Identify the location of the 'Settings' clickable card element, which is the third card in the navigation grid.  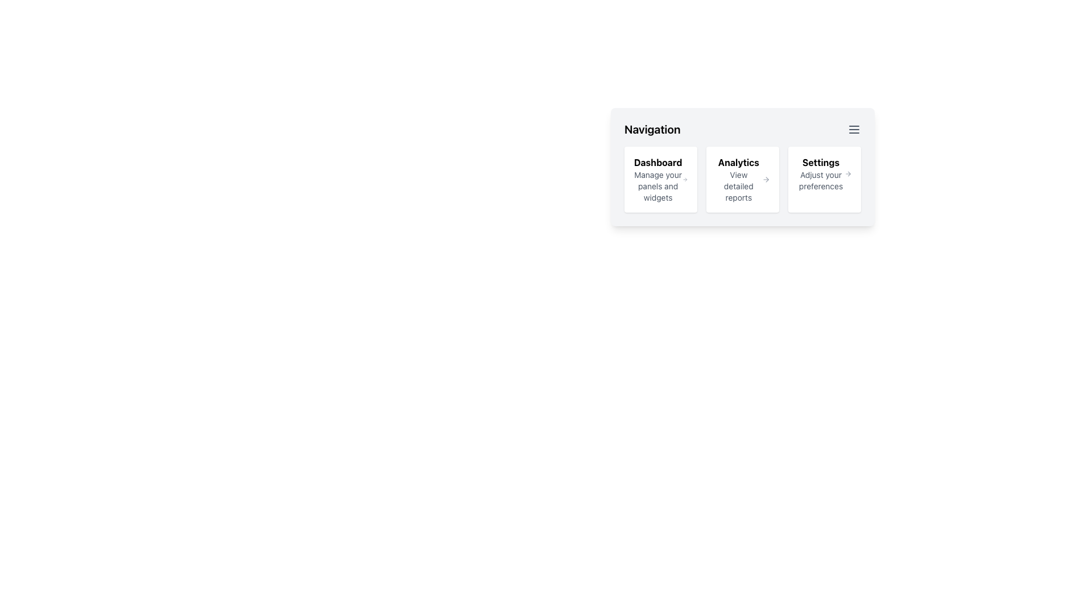
(824, 179).